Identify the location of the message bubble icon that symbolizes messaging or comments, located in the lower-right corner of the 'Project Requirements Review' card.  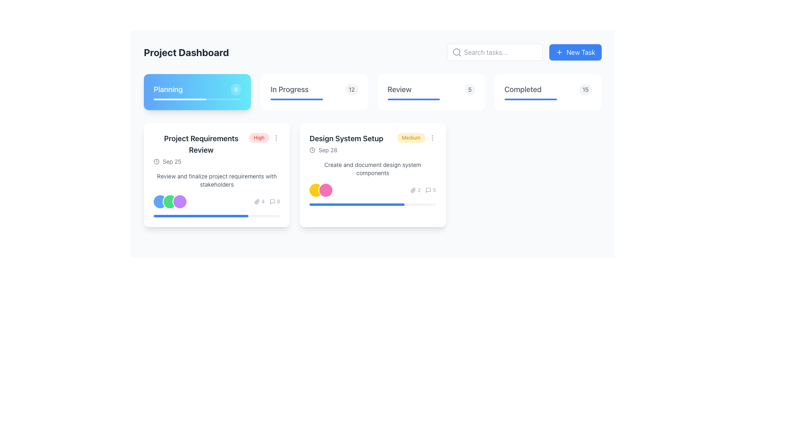
(272, 202).